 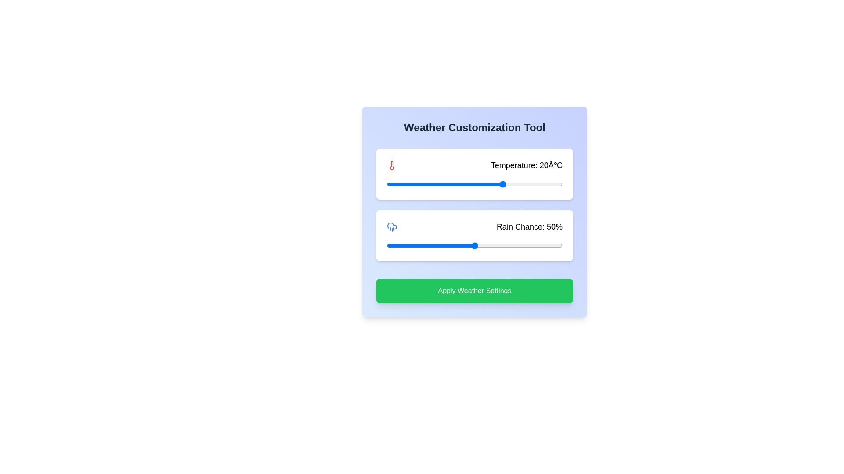 I want to click on the rain chance slider to set the rain probability to 51%, so click(x=476, y=245).